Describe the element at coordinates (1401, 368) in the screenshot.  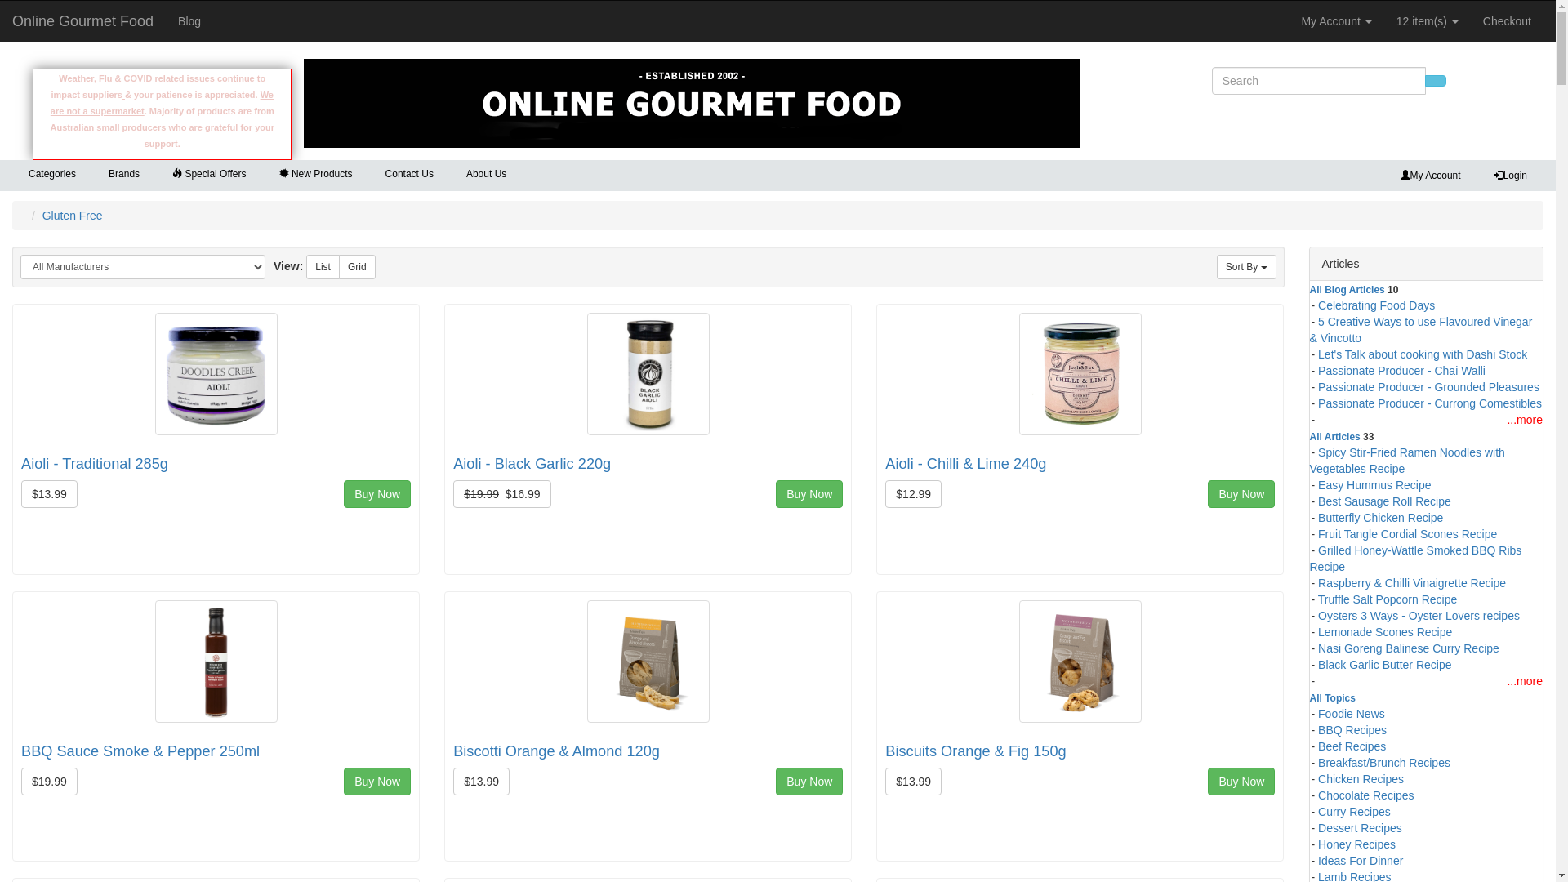
I see `'Passionate Producer - Chai Walli'` at that location.